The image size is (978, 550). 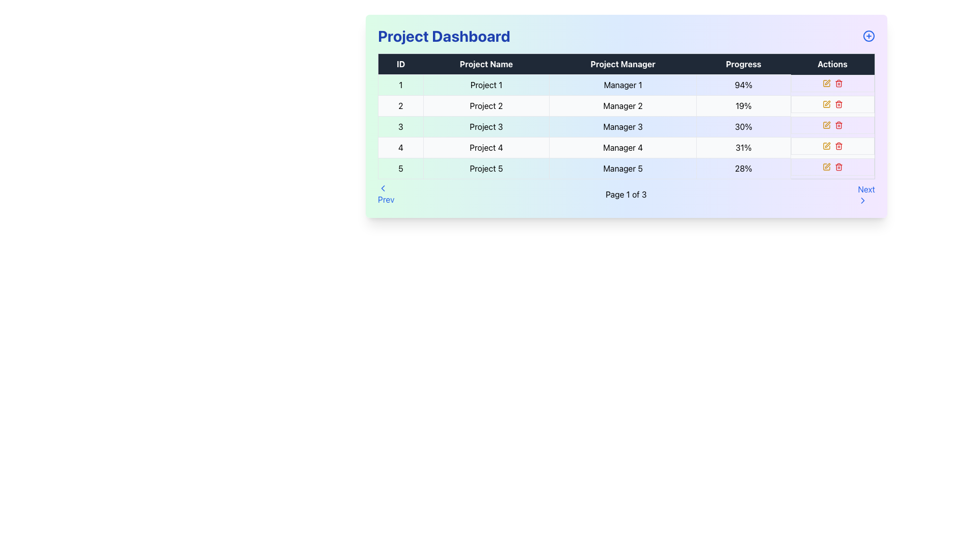 What do you see at coordinates (400, 126) in the screenshot?
I see `the numeral '3' displayed in light green background within the 'ID' column of the table` at bounding box center [400, 126].